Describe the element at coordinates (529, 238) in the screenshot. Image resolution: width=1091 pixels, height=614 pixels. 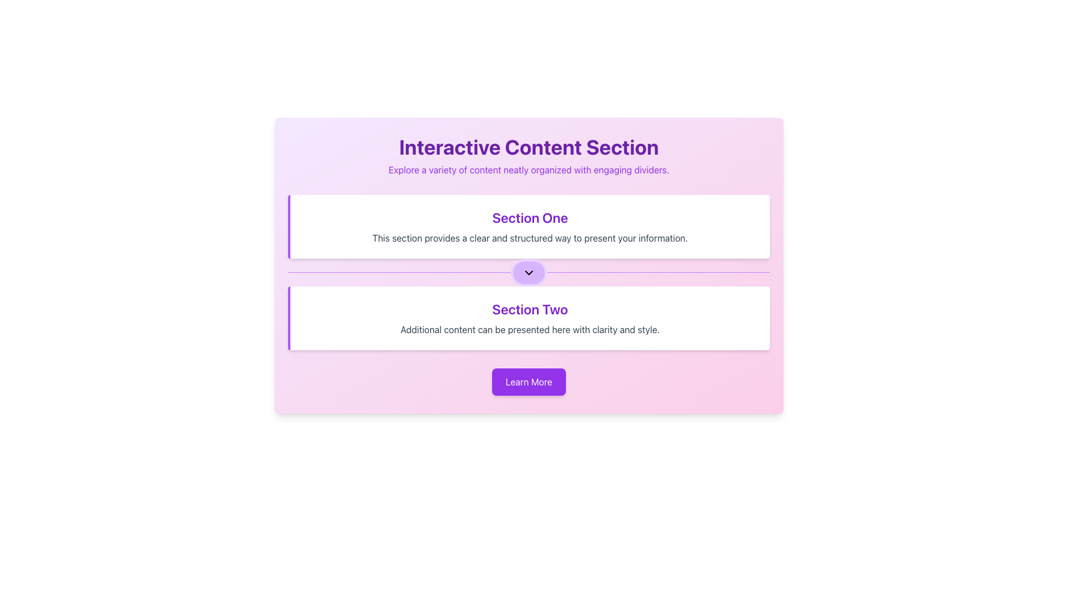
I see `the text element that reads 'This section provides a clear and structured way to present your information.' which is located directly below the 'Section One' header` at that location.